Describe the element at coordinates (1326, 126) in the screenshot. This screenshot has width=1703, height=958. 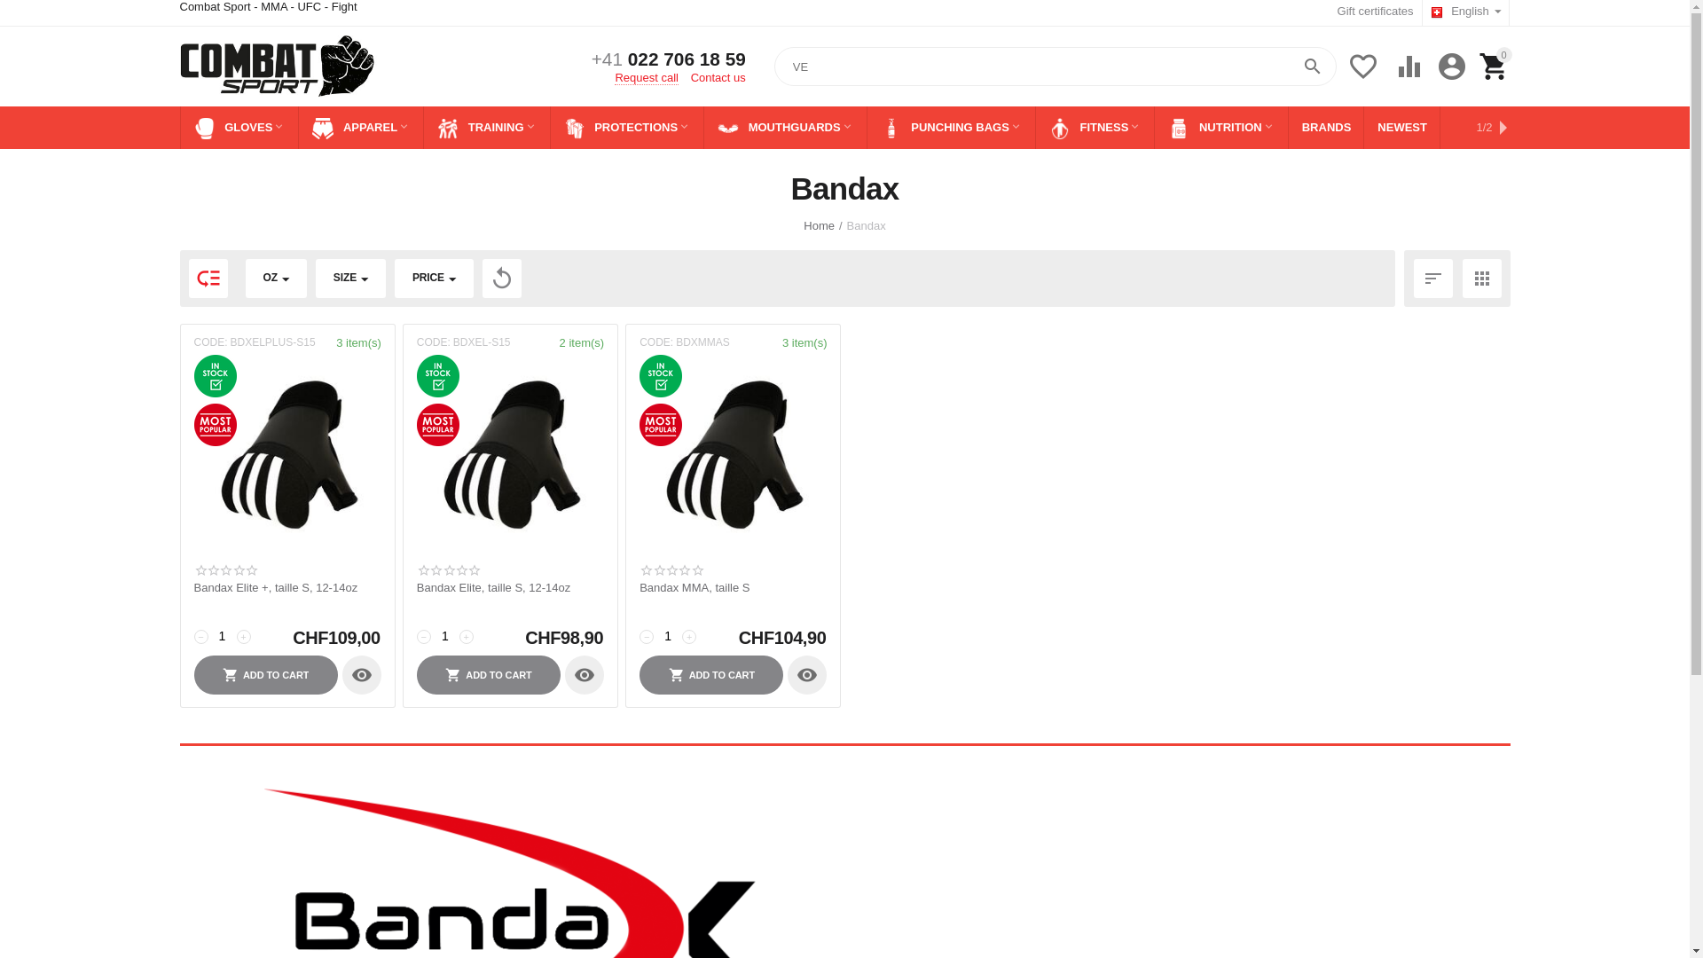
I see `'BRANDS'` at that location.